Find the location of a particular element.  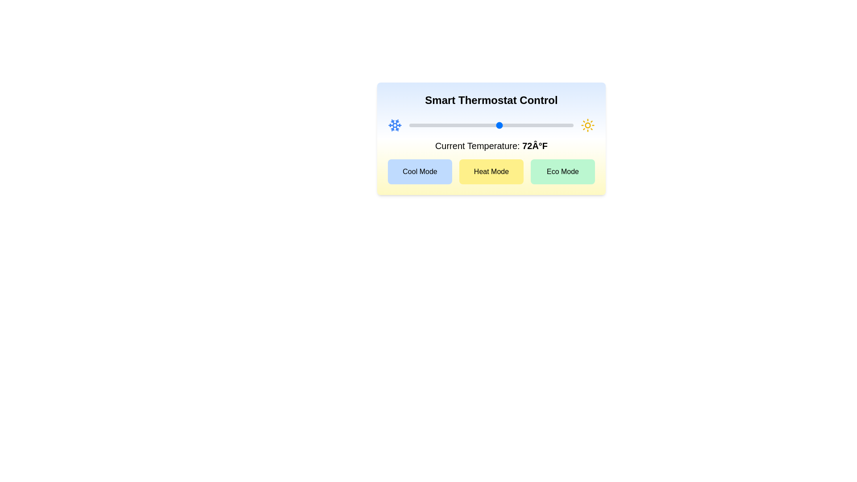

the temperature slider to set the temperature to 86°F is located at coordinates (557, 125).